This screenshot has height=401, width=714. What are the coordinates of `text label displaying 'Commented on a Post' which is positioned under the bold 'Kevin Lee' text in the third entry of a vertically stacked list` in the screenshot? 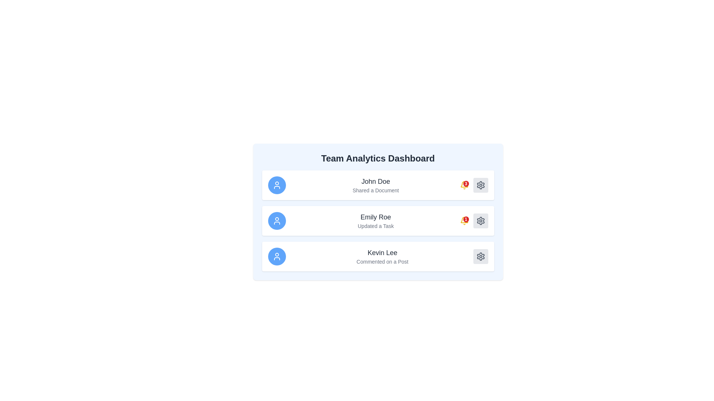 It's located at (382, 261).